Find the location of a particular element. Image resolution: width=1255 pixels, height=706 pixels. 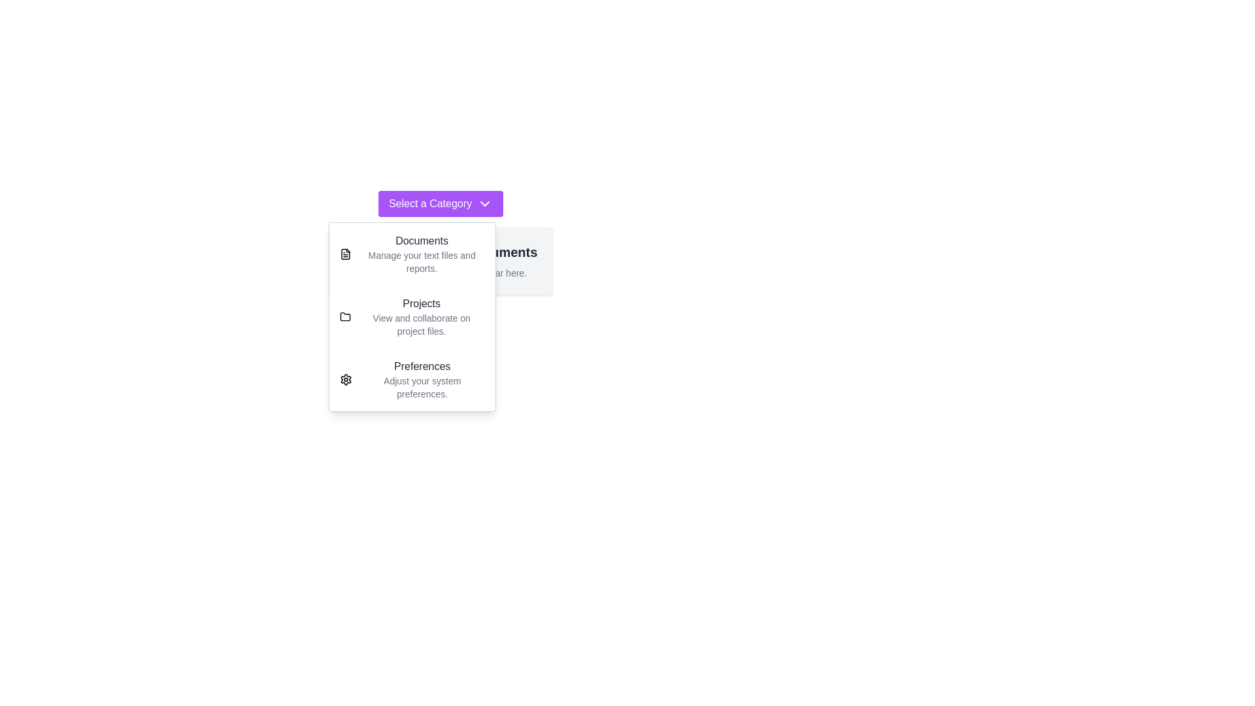

the category Preferences from the dropdown menu is located at coordinates (410, 380).